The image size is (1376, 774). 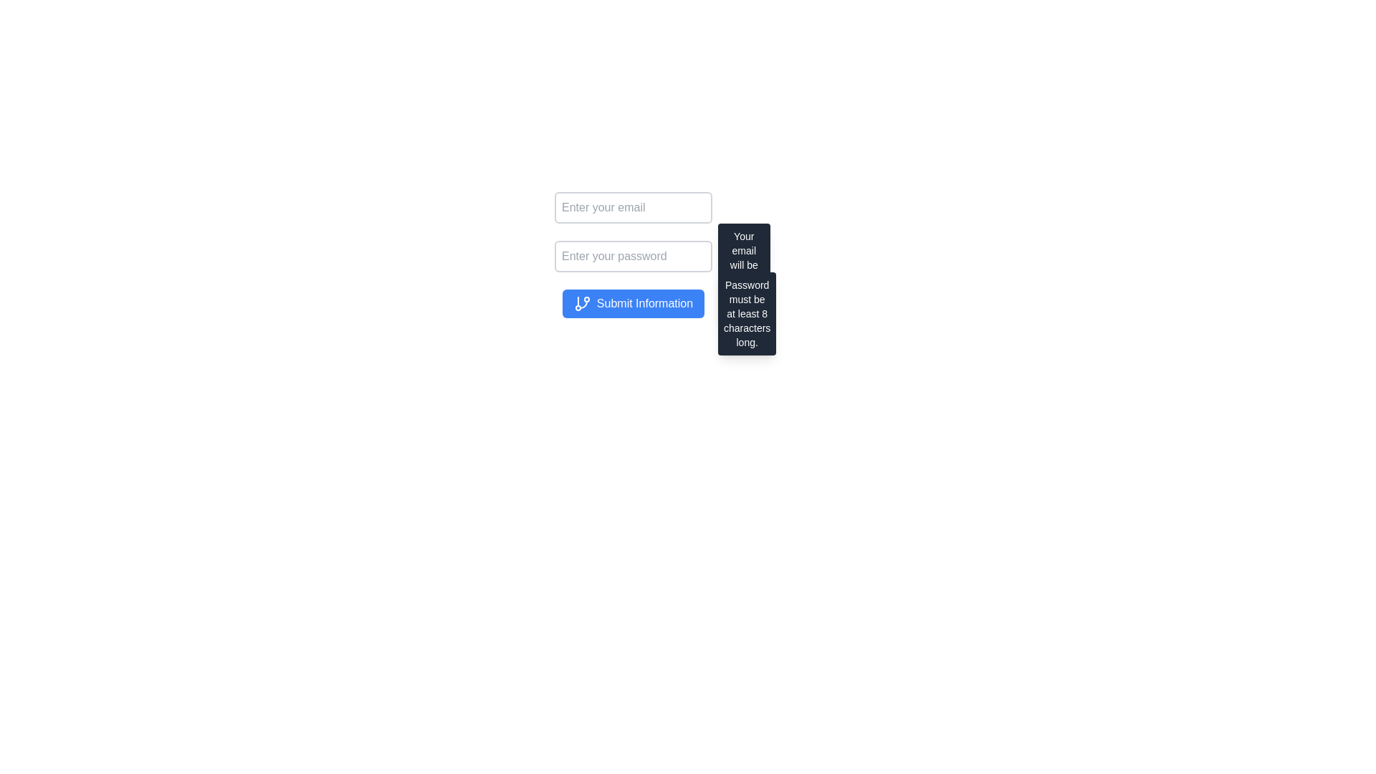 I want to click on the tooltip with white text on a dark gray background, positioned to the right of the 'Enter your email' input field, so click(x=744, y=272).